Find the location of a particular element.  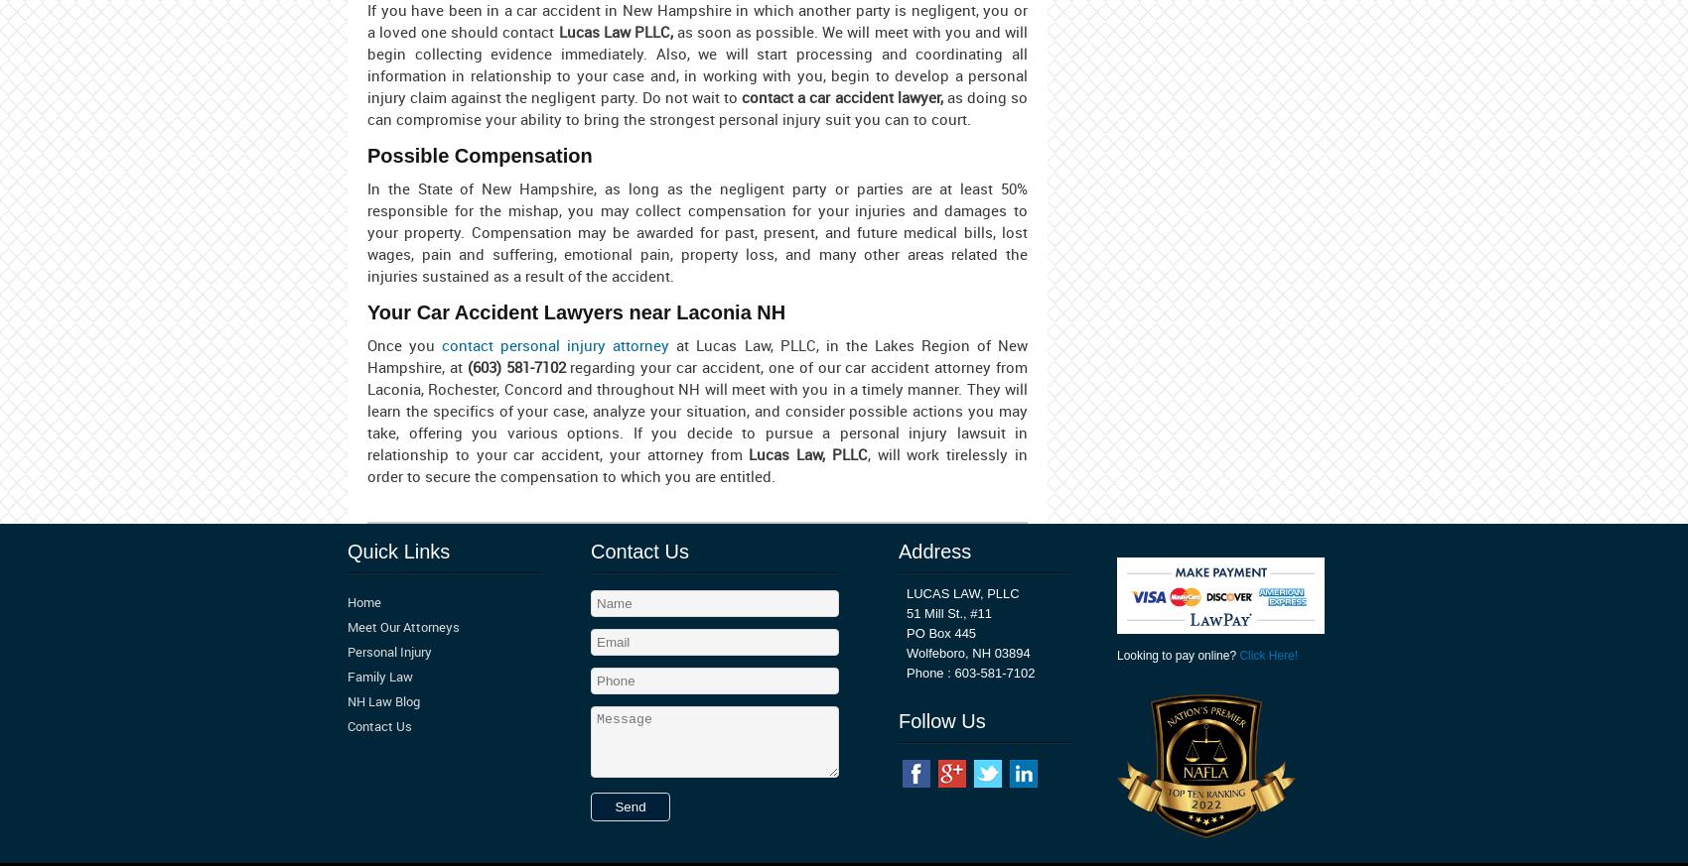

'Lucas Law PLLC,' is located at coordinates (614, 31).